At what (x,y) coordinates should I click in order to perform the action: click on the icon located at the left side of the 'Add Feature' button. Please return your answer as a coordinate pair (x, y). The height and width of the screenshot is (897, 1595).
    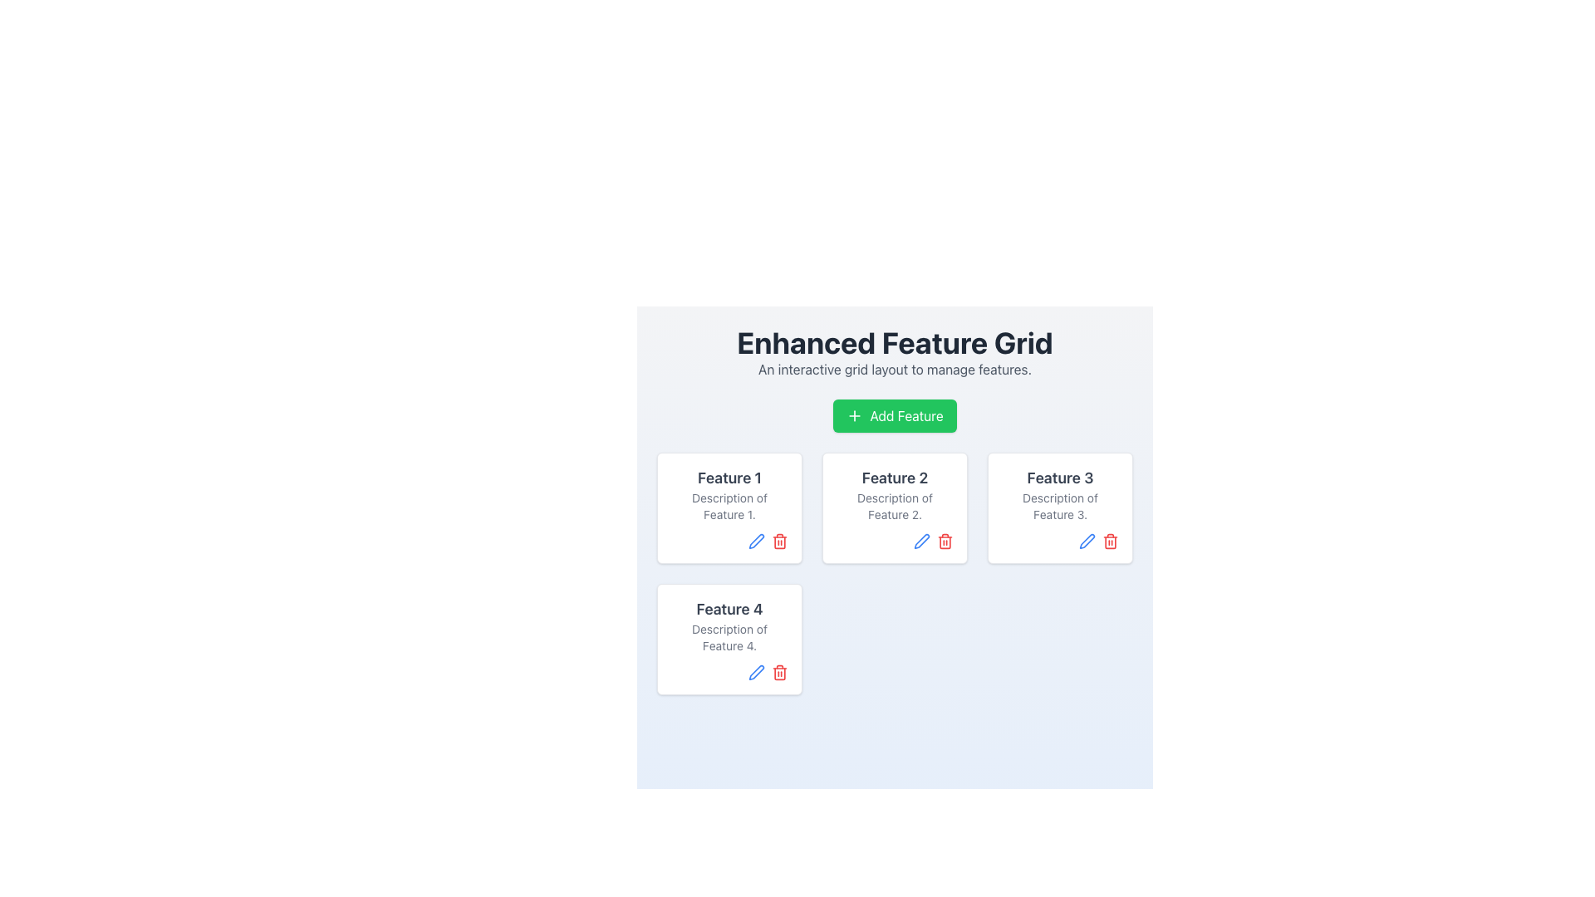
    Looking at the image, I should click on (855, 415).